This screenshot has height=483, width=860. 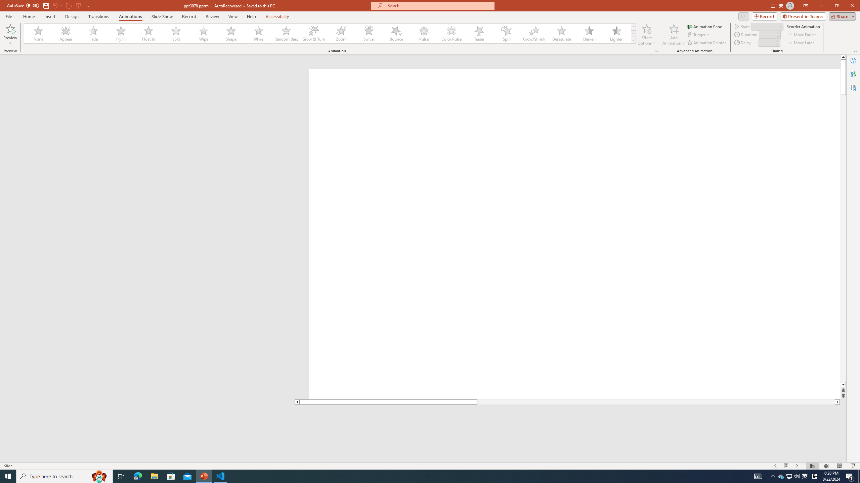 I want to click on 'Float In', so click(x=148, y=33).